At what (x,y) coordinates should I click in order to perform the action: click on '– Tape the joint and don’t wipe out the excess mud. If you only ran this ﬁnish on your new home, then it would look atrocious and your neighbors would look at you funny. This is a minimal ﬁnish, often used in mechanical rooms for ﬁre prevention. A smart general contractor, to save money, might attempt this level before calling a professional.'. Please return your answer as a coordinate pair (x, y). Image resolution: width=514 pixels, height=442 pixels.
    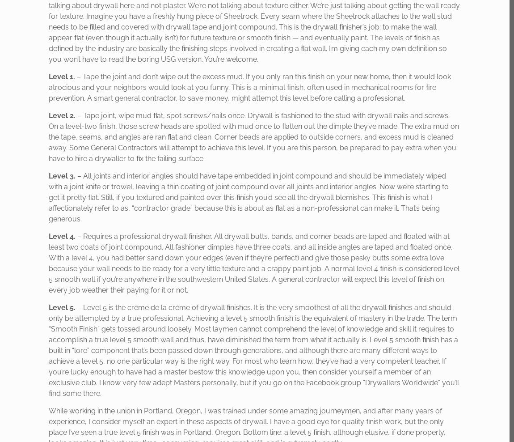
    Looking at the image, I should click on (48, 87).